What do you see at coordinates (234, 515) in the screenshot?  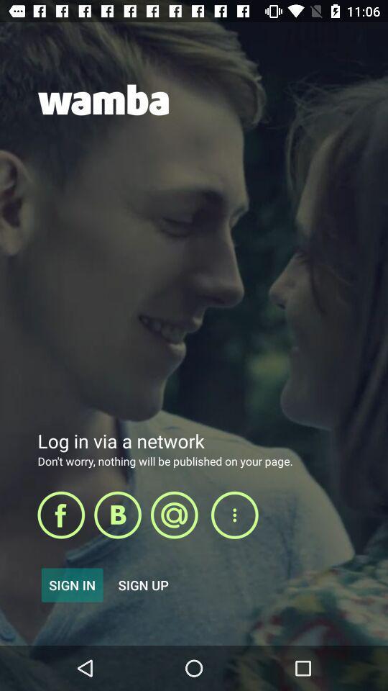 I see `more options` at bounding box center [234, 515].